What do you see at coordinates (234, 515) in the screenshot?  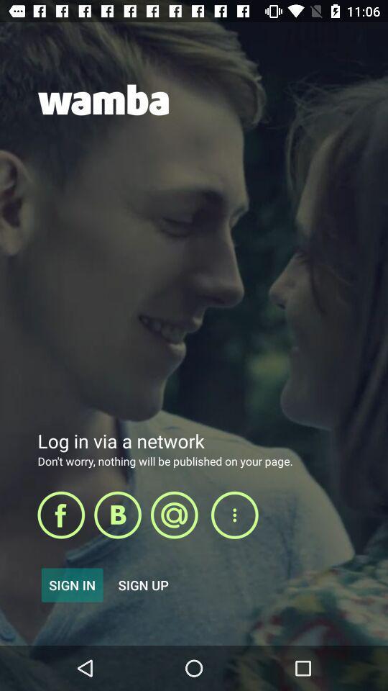 I see `more options` at bounding box center [234, 515].